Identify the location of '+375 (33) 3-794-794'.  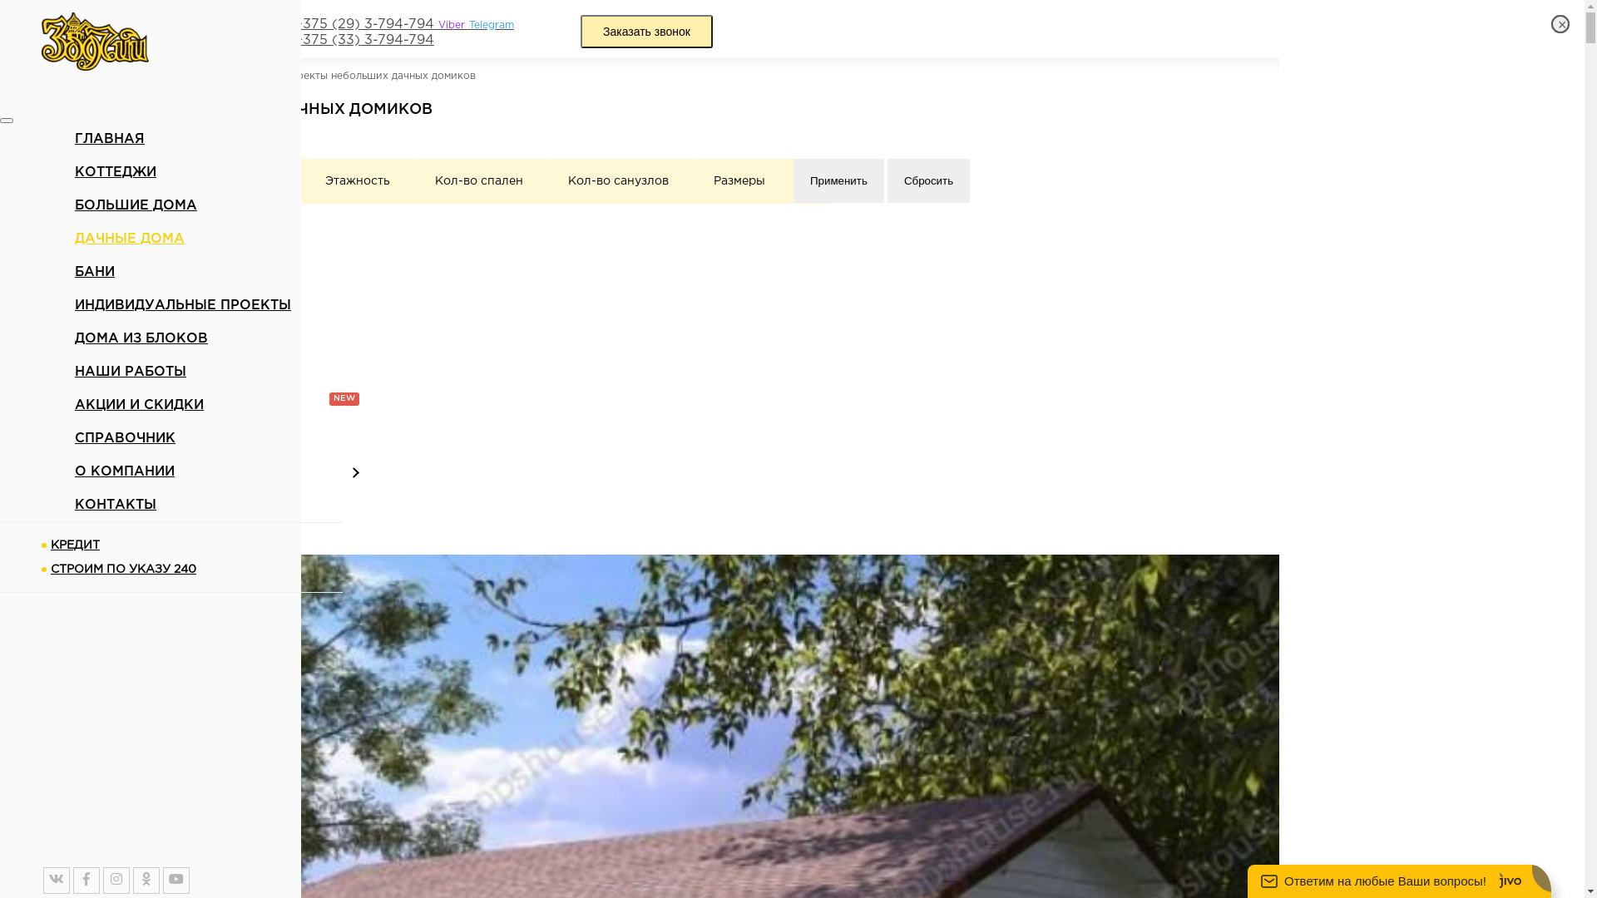
(363, 40).